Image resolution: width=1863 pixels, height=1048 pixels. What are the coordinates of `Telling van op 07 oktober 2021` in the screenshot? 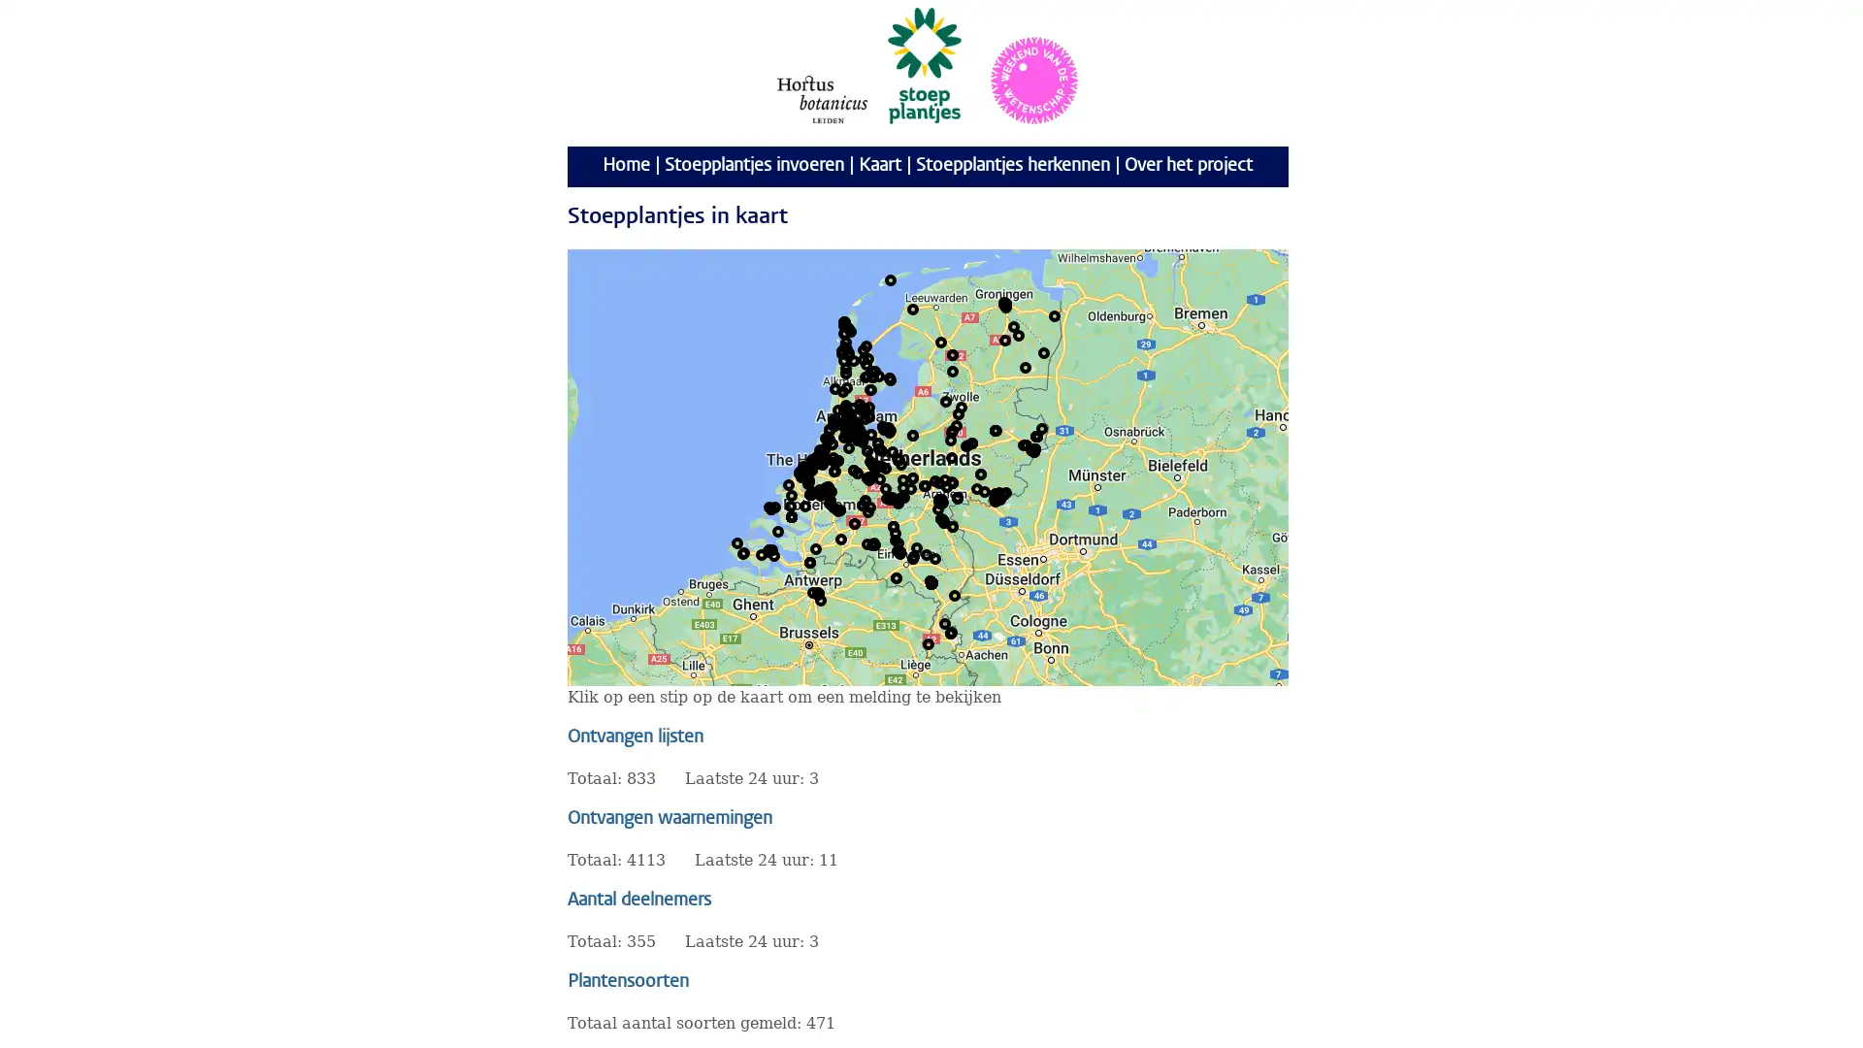 It's located at (848, 429).